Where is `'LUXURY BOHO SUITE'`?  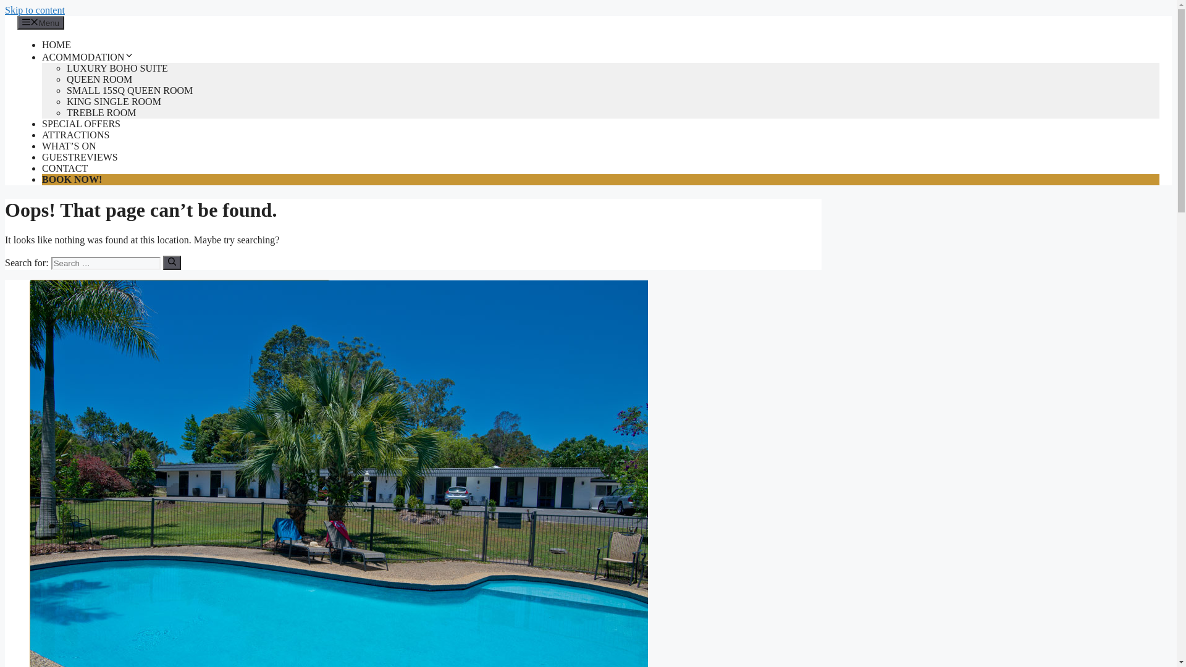
'LUXURY BOHO SUITE' is located at coordinates (117, 68).